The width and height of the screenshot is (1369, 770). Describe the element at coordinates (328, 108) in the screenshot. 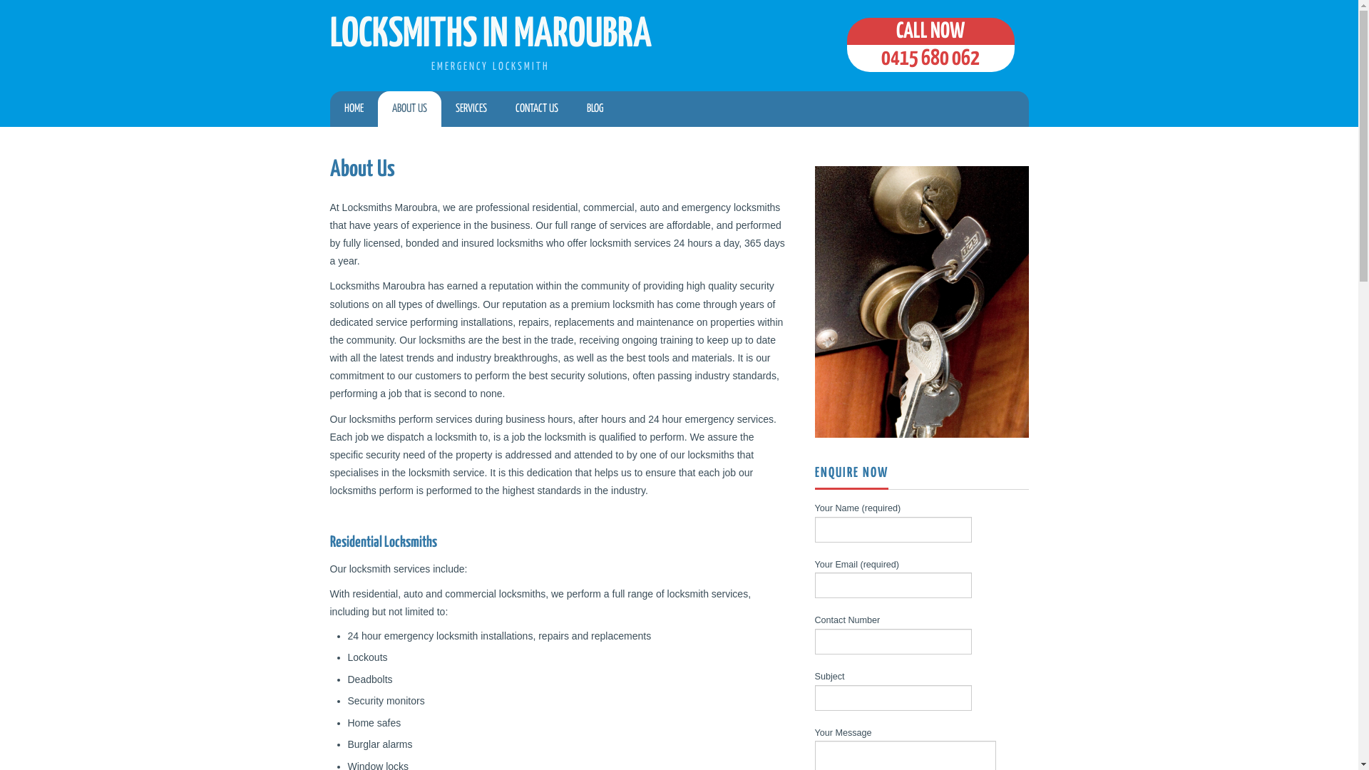

I see `'HOME'` at that location.